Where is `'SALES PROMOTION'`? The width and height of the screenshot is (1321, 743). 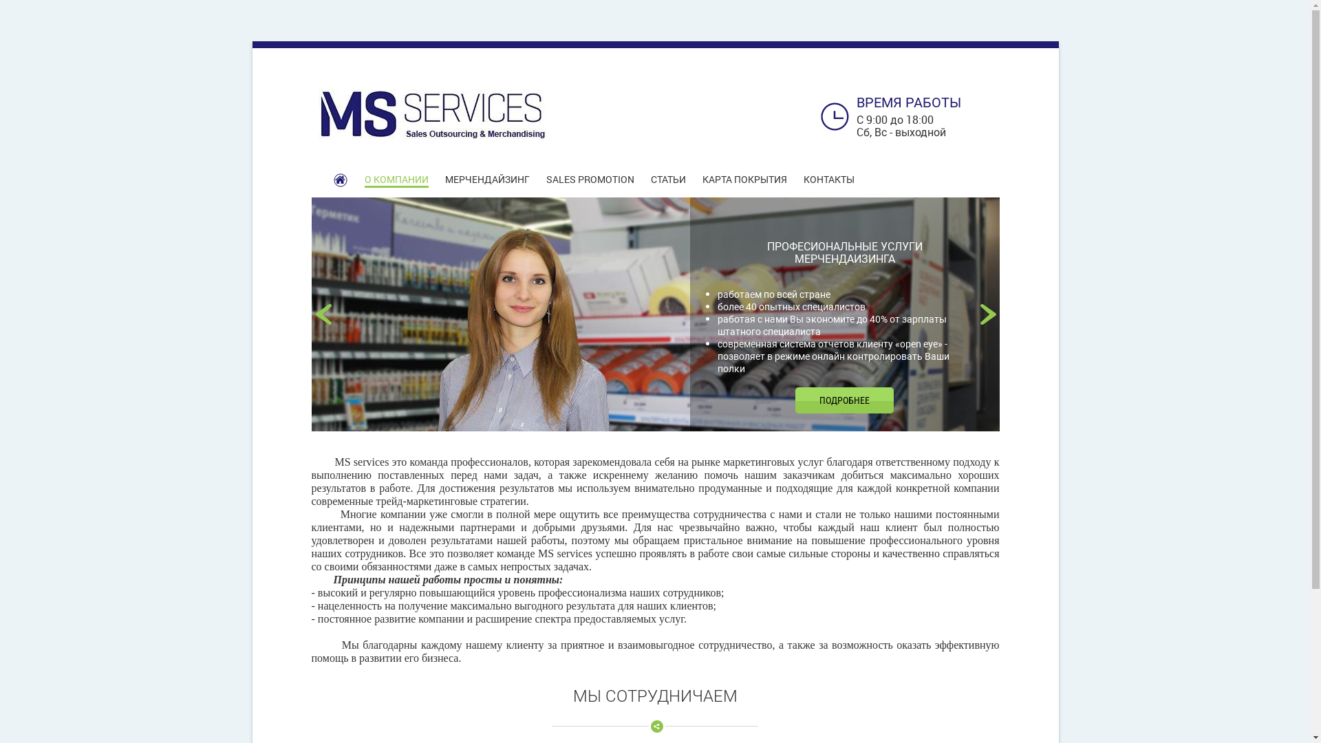
'SALES PROMOTION' is located at coordinates (590, 179).